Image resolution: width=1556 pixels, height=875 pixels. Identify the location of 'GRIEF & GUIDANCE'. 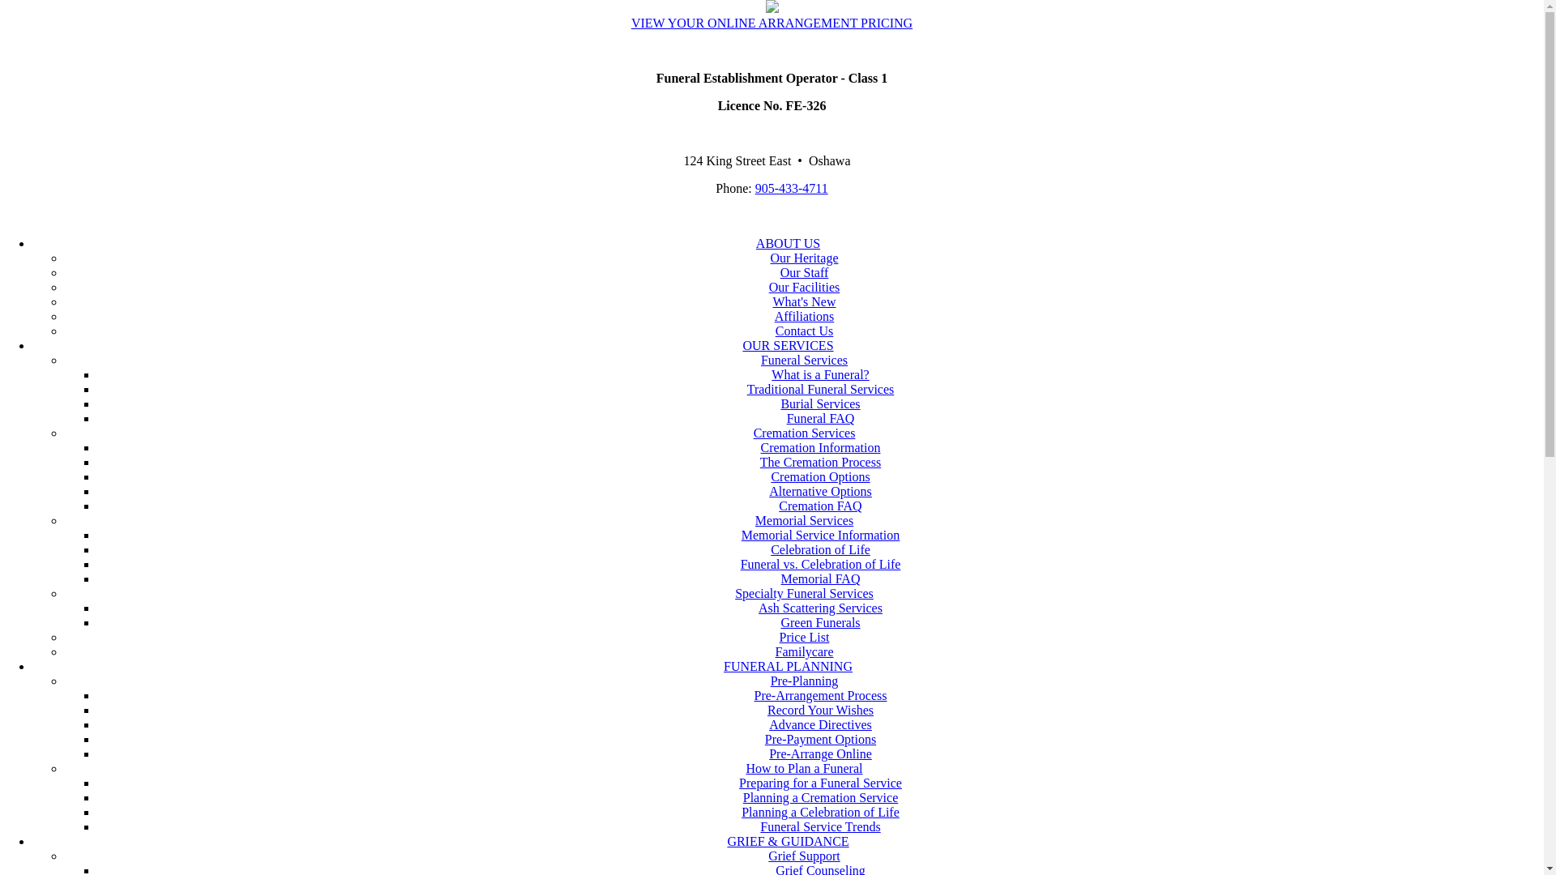
(726, 840).